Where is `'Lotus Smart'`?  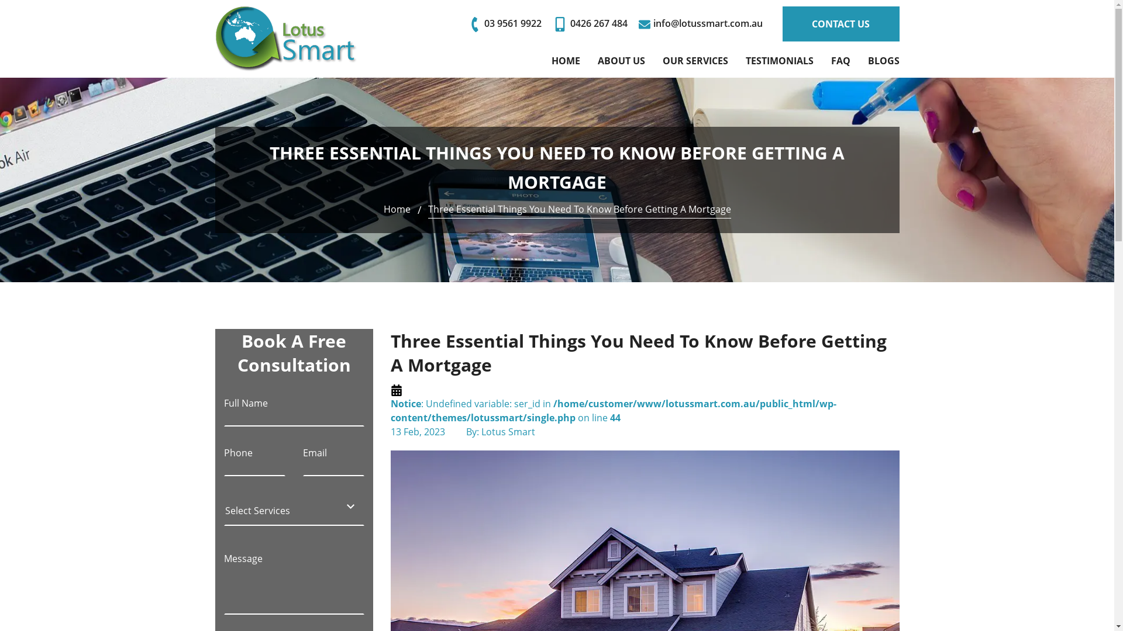 'Lotus Smart' is located at coordinates (286, 38).